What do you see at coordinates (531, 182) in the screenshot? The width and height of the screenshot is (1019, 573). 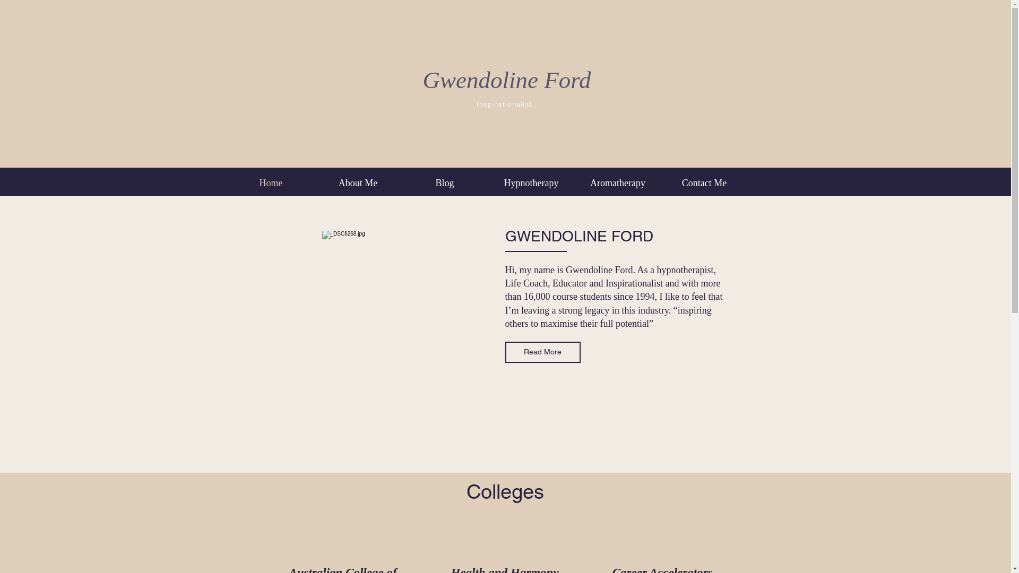 I see `'Hypnotherapy'` at bounding box center [531, 182].